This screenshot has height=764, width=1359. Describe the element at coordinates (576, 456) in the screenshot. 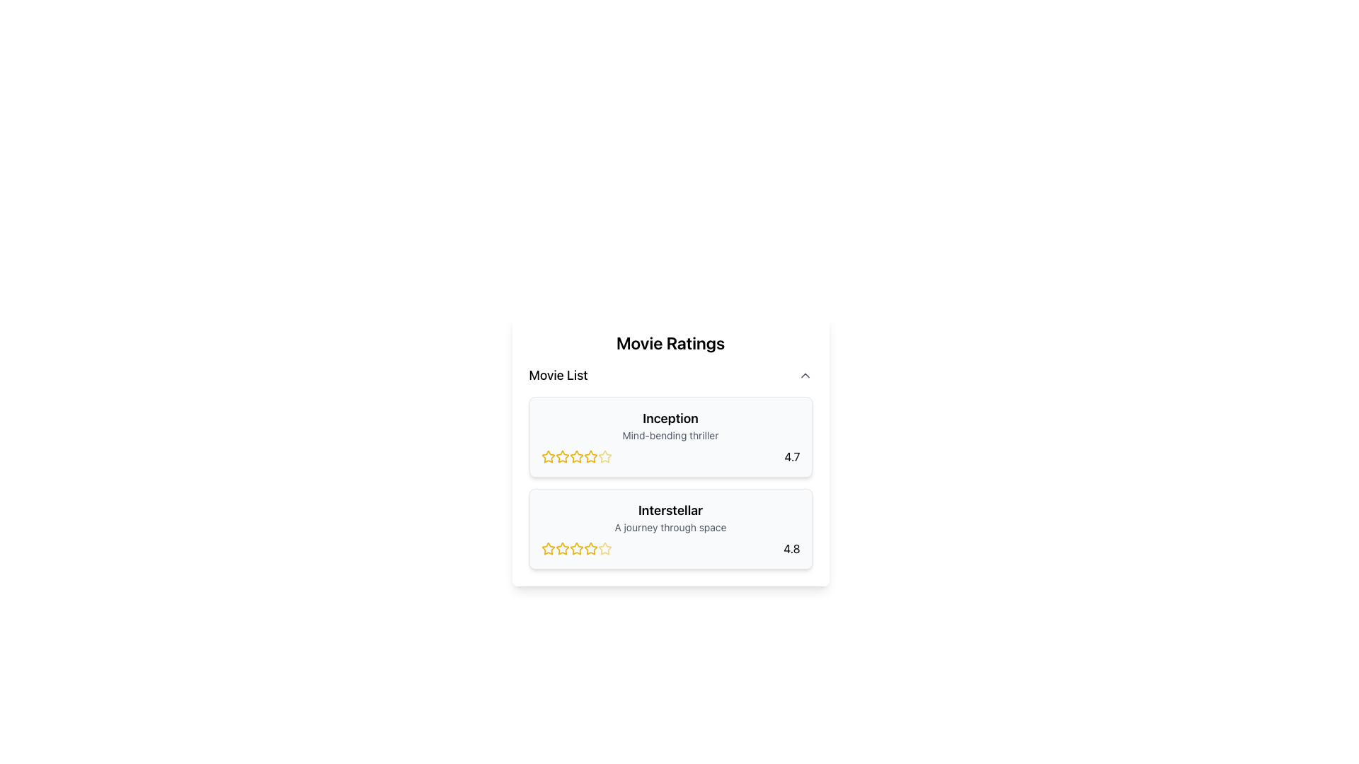

I see `the second star icon for rating in the rating section of the movie entry for 'Inception'` at that location.